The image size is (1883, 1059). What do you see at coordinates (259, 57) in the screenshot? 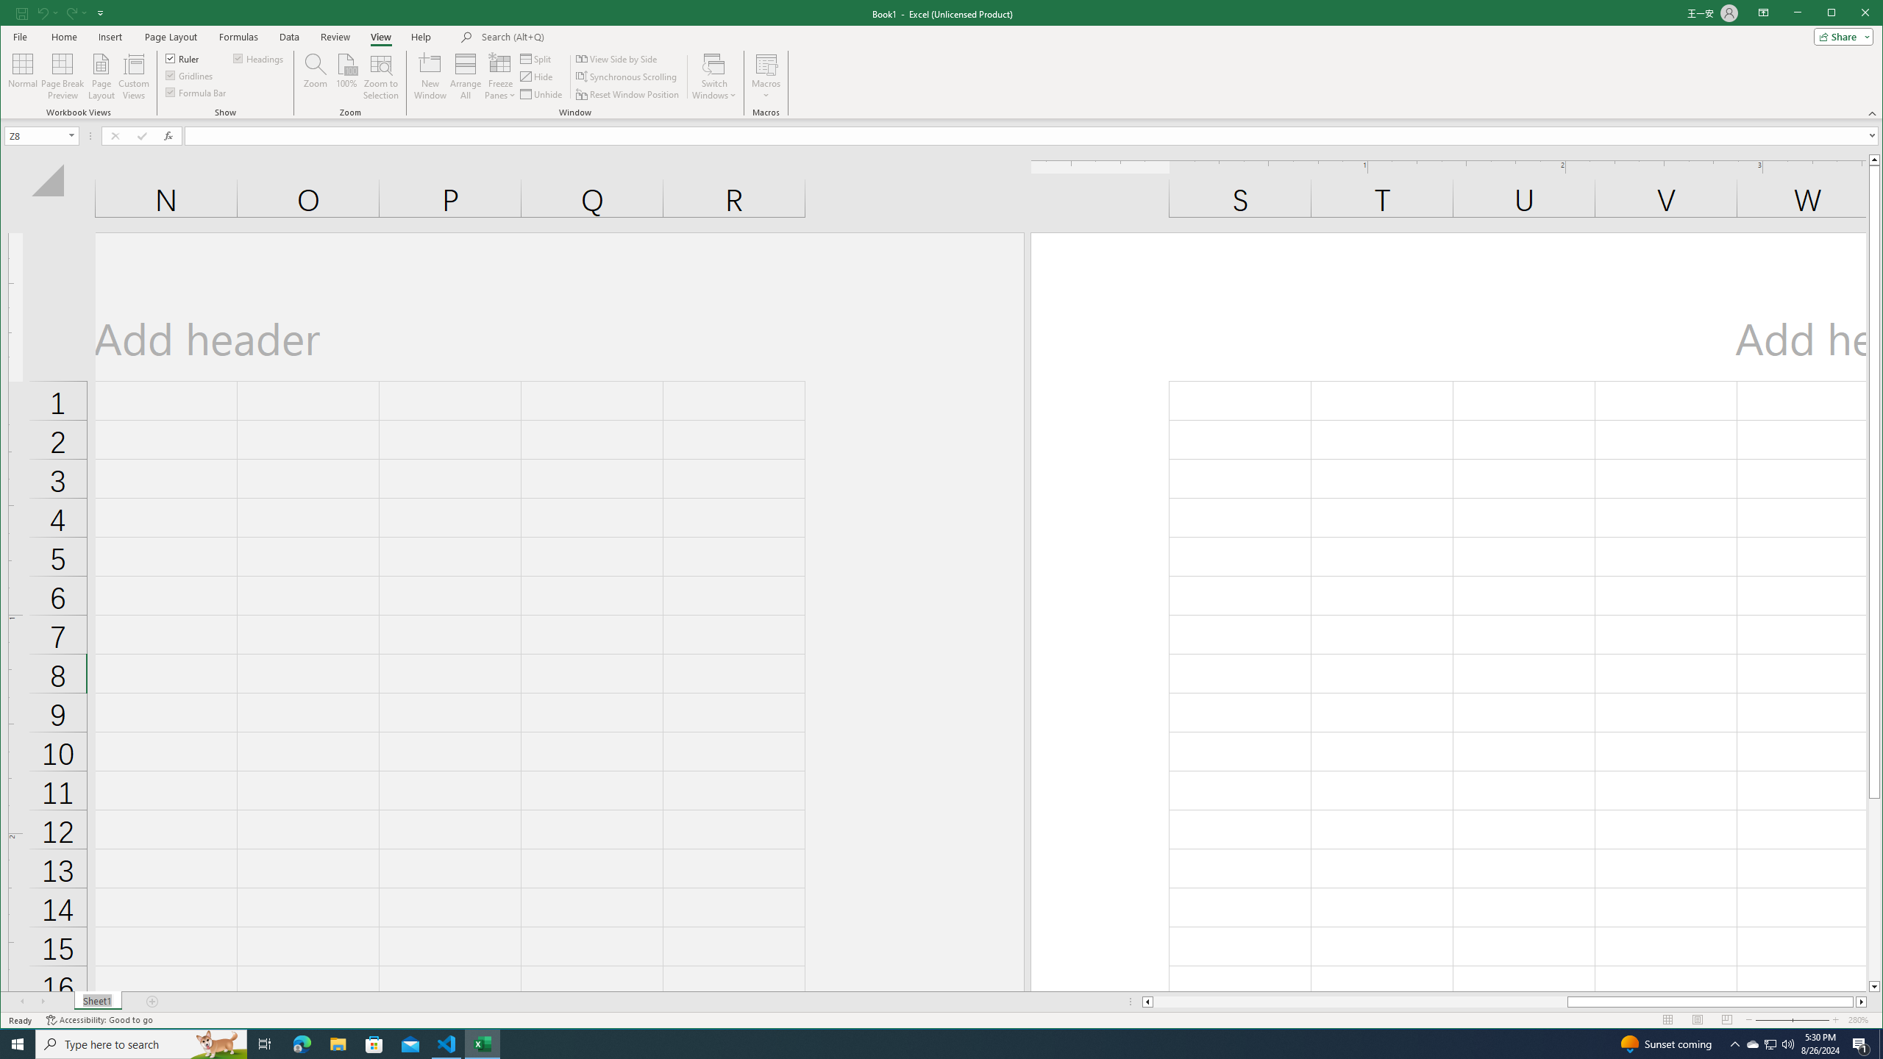
I see `'Headings'` at bounding box center [259, 57].